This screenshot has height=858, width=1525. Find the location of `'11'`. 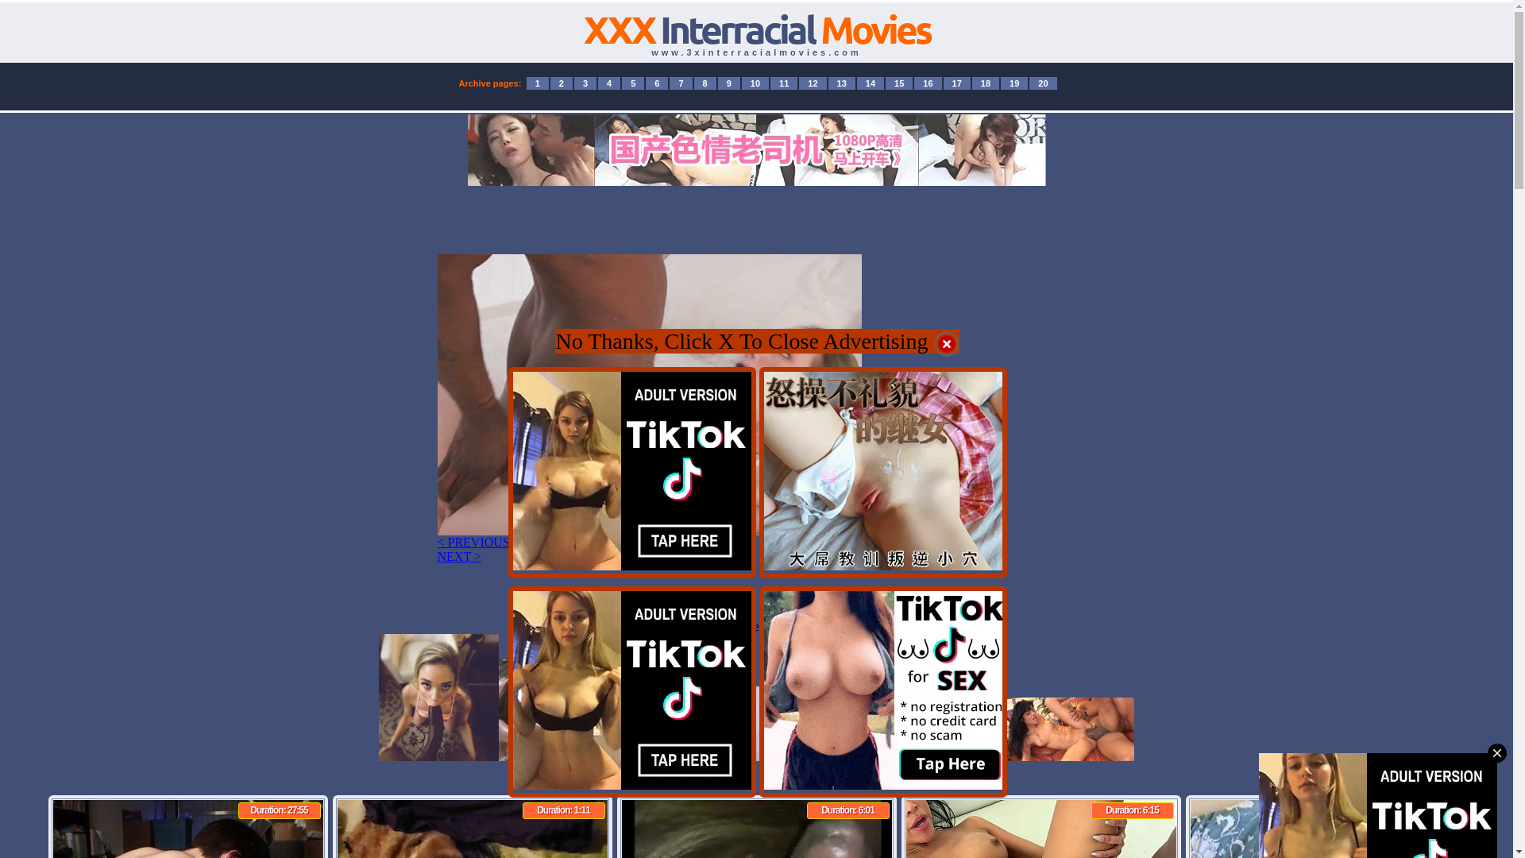

'11' is located at coordinates (784, 83).